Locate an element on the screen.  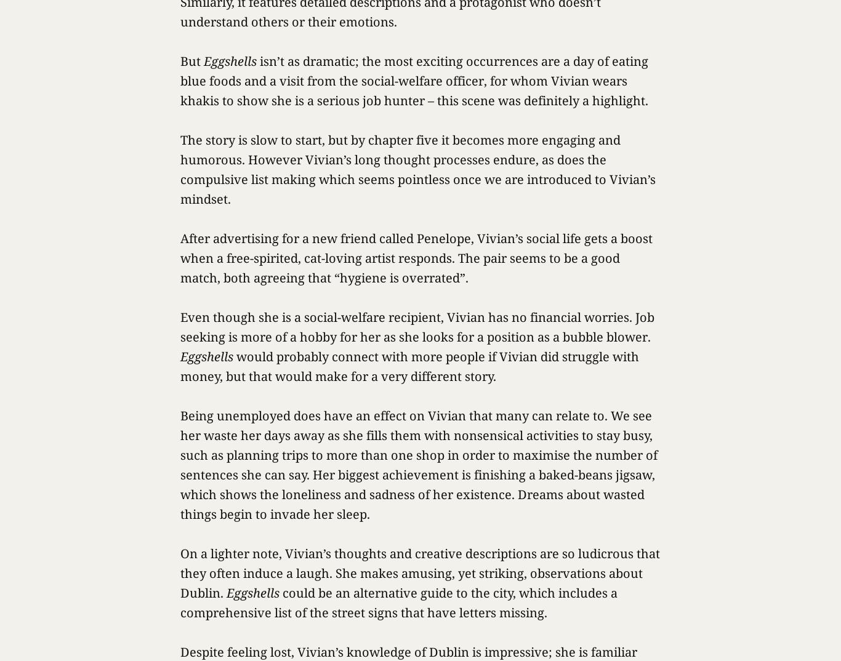
'After advertising for a new friend called Penelope, Vivian’s social life gets a boost when a free-spirited, cat-loving artist responds. The pair seems to be a good match, both agreeing that “hygiene is overrated”.' is located at coordinates (416, 258).